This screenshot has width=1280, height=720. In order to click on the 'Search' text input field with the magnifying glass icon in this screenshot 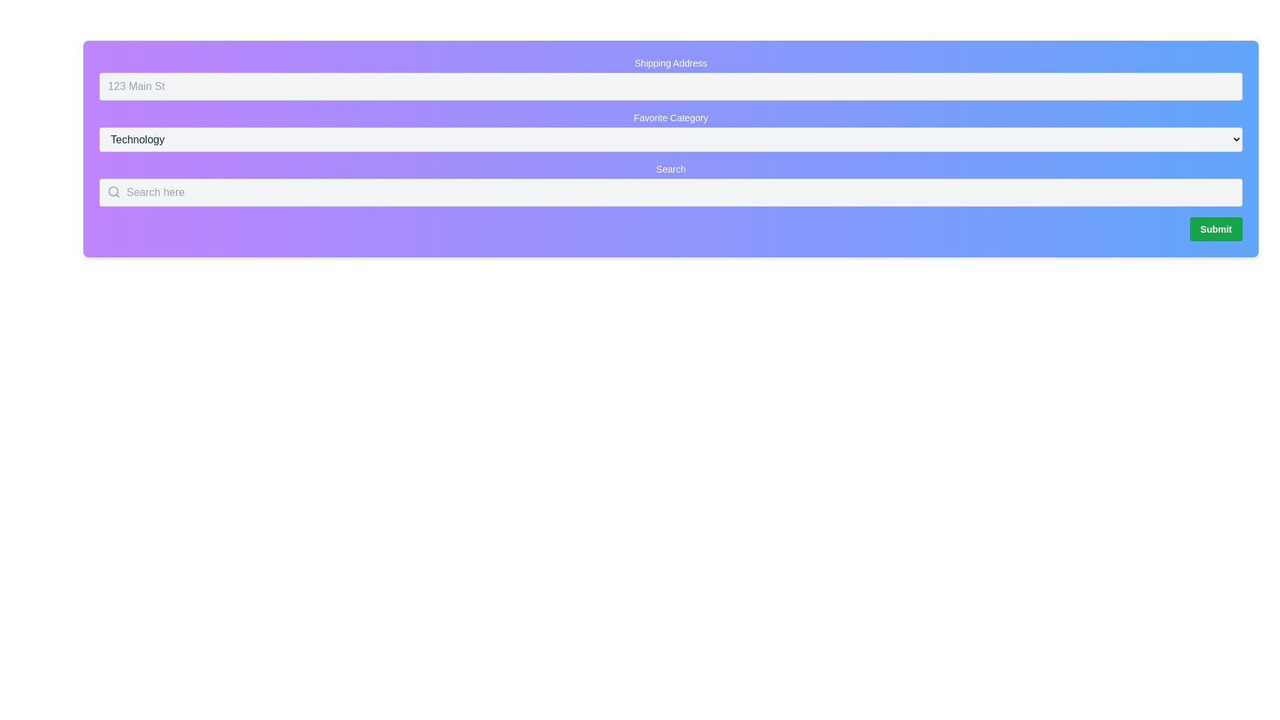, I will do `click(671, 185)`.